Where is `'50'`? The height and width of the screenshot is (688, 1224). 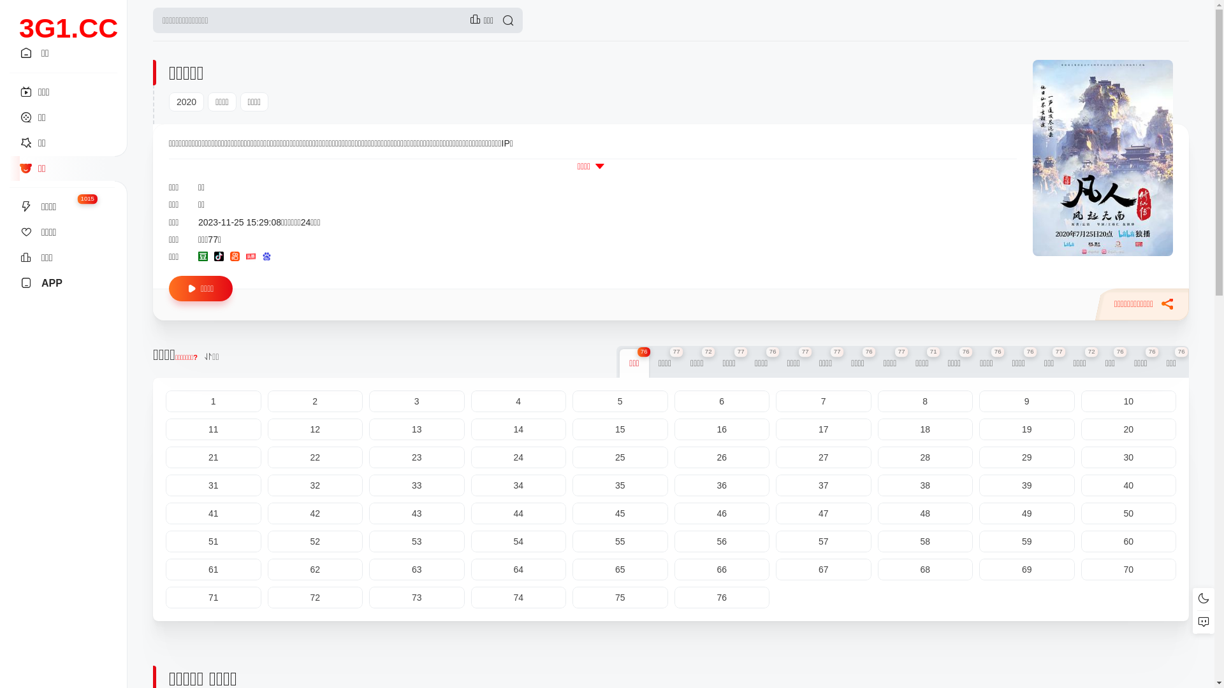 '50' is located at coordinates (1080, 513).